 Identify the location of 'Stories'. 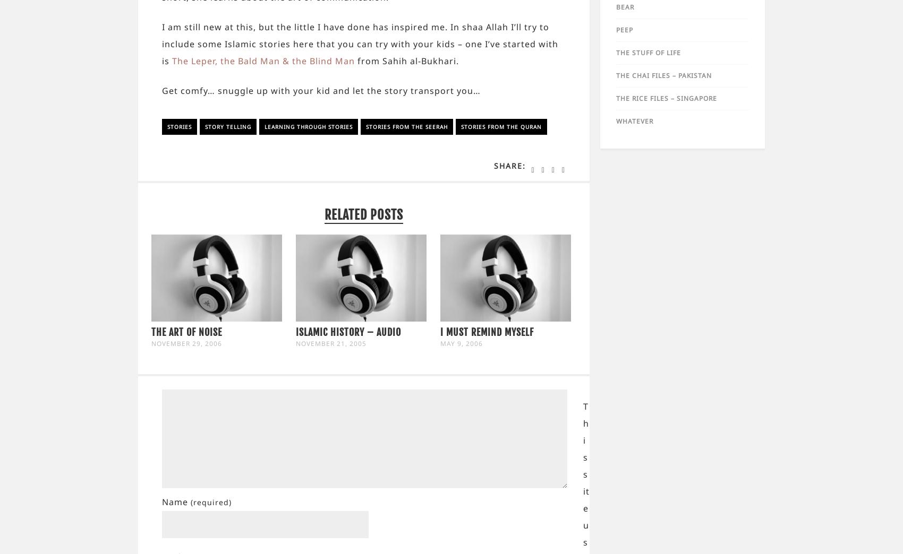
(167, 126).